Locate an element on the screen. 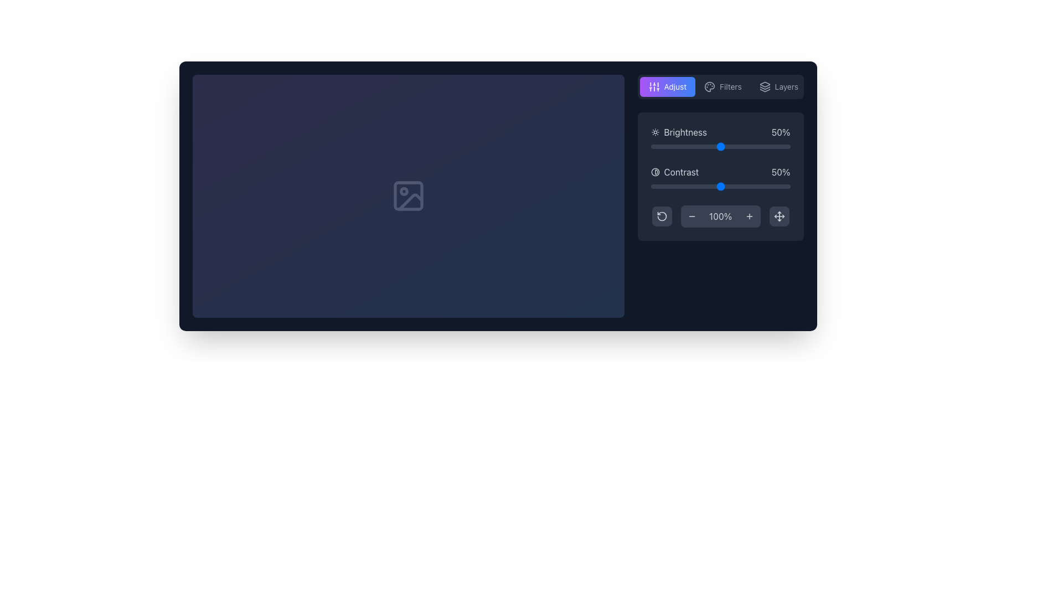 The image size is (1063, 598). the contrast is located at coordinates (715, 185).